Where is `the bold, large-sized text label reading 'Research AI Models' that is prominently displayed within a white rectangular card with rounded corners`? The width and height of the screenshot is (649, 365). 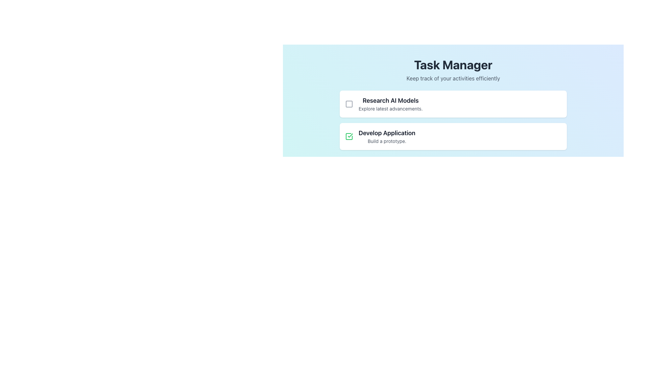
the bold, large-sized text label reading 'Research AI Models' that is prominently displayed within a white rectangular card with rounded corners is located at coordinates (390, 100).